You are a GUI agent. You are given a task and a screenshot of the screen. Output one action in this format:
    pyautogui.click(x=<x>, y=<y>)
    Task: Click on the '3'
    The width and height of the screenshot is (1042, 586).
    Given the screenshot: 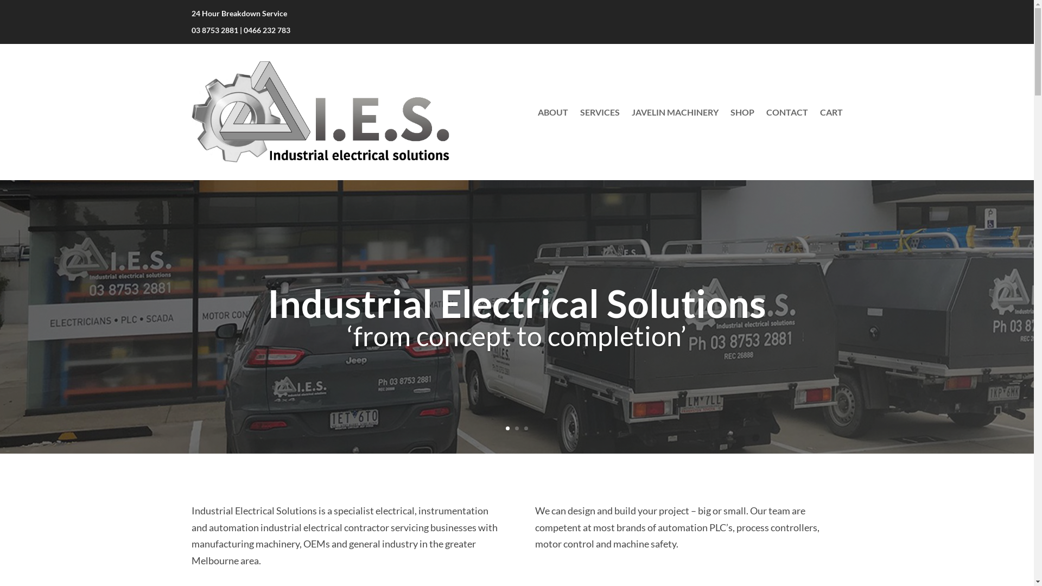 What is the action you would take?
    pyautogui.click(x=526, y=428)
    